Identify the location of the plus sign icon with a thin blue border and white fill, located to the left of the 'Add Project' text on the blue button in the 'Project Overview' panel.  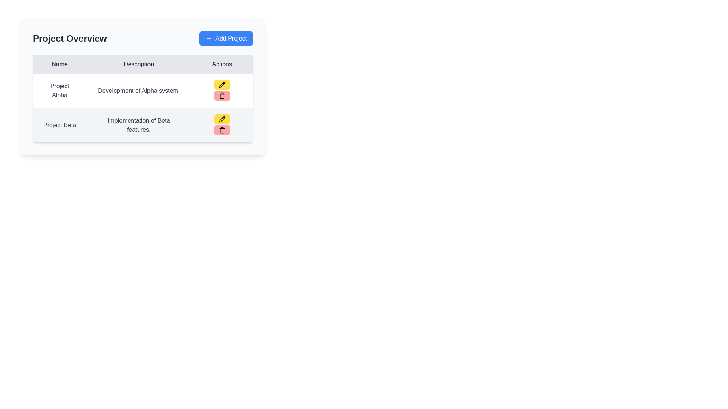
(209, 38).